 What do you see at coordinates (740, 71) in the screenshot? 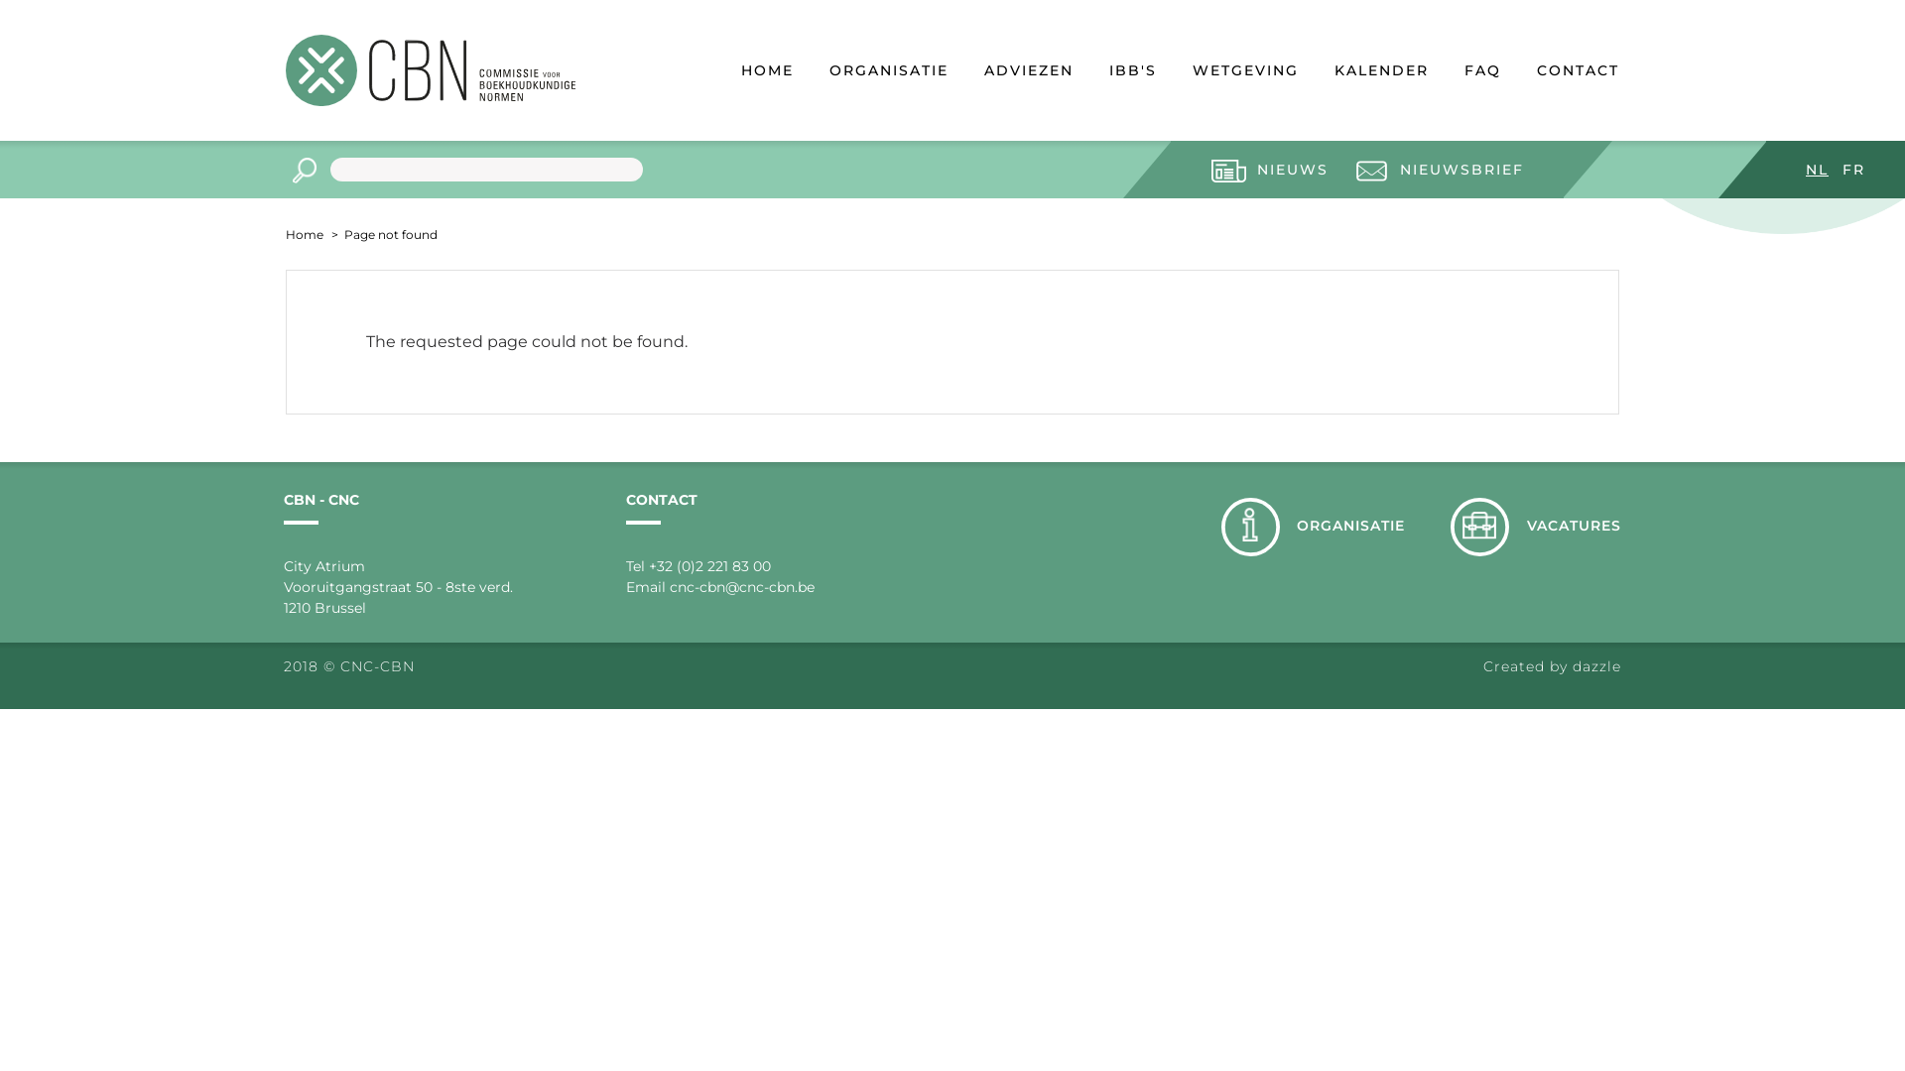
I see `'HOME'` at bounding box center [740, 71].